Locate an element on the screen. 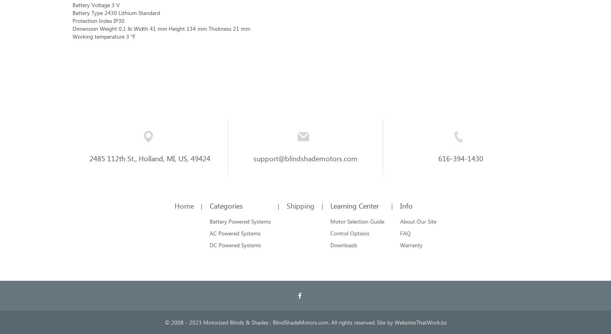 This screenshot has width=611, height=334. 'Downloads' is located at coordinates (344, 244).